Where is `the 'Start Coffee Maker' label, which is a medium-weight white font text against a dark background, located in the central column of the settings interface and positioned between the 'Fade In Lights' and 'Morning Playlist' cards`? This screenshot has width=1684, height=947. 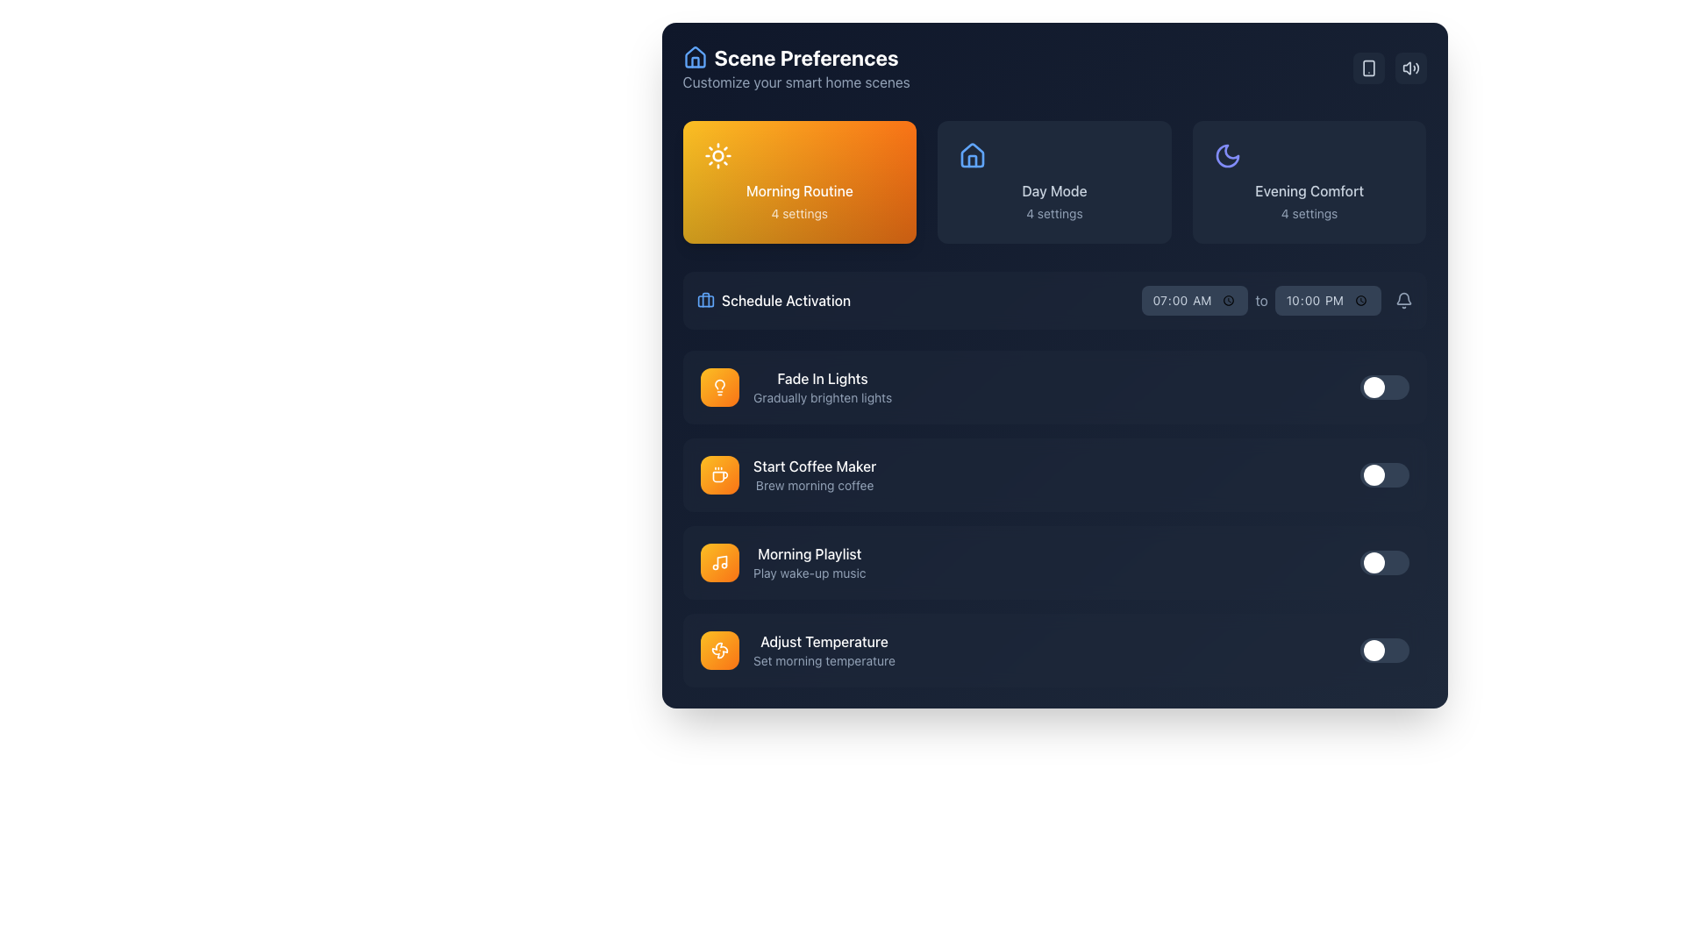
the 'Start Coffee Maker' label, which is a medium-weight white font text against a dark background, located in the central column of the settings interface and positioned between the 'Fade In Lights' and 'Morning Playlist' cards is located at coordinates (813, 466).